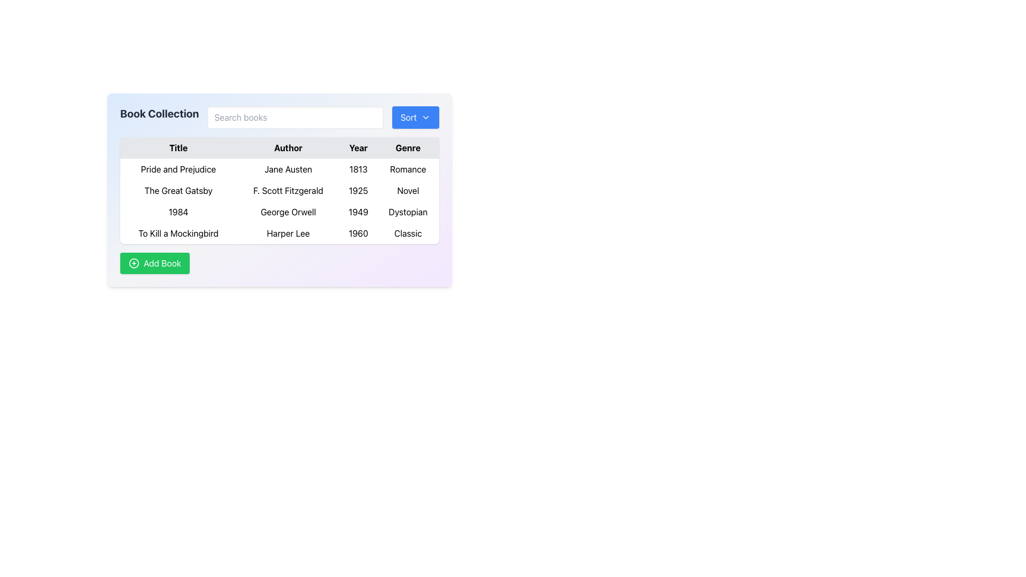 This screenshot has width=1026, height=577. What do you see at coordinates (279, 168) in the screenshot?
I see `table row displaying the book information for 'Pride and Prejudice' by 'Jane Austen', published in '1813', categorized as 'Romance'` at bounding box center [279, 168].